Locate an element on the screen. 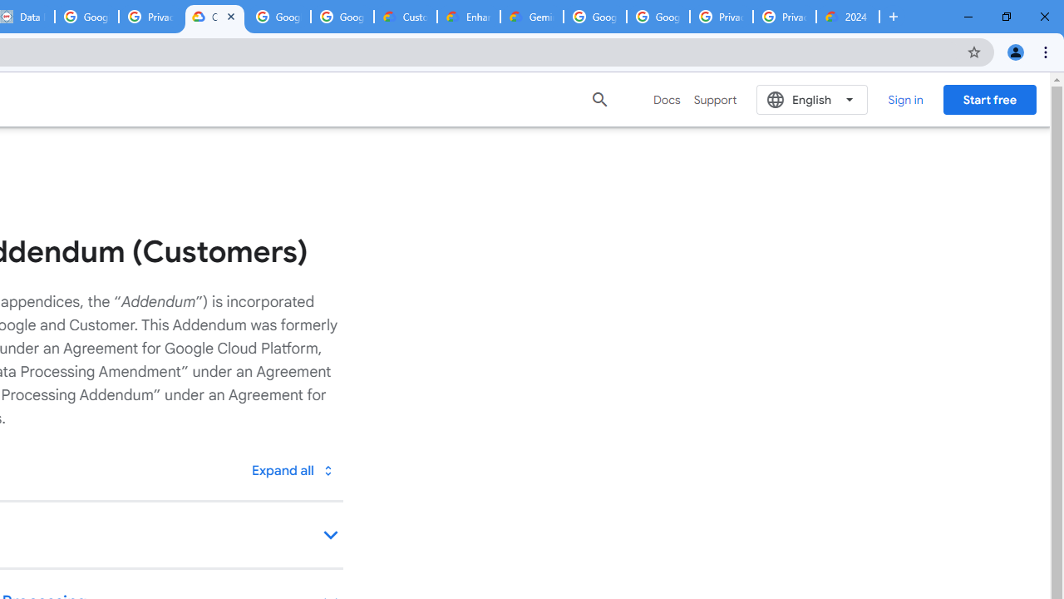  'Gemini for Business and Developers | Google Cloud' is located at coordinates (532, 17).